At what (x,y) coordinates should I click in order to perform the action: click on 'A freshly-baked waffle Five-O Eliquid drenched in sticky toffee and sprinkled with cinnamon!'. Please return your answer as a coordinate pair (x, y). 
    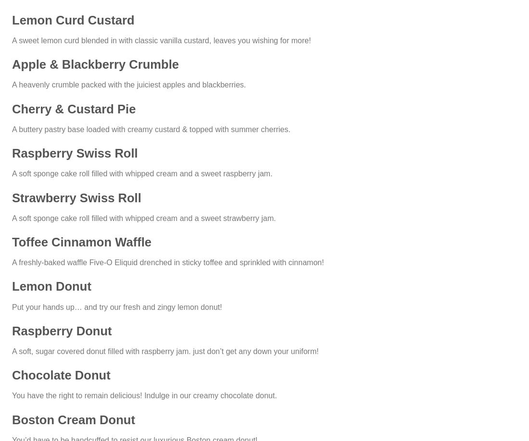
    Looking at the image, I should click on (11, 262).